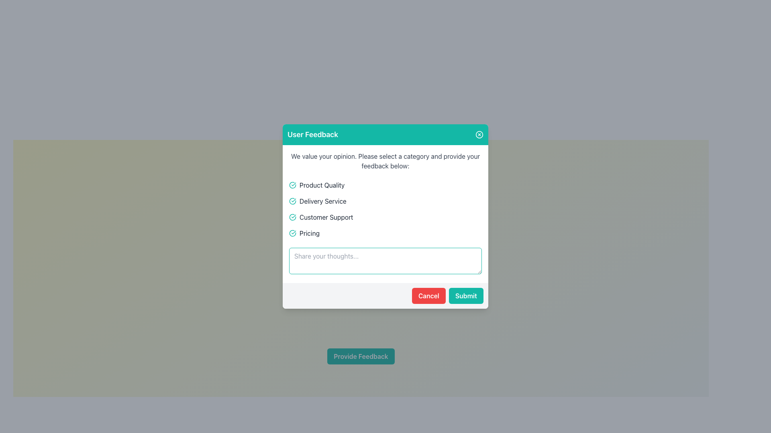  Describe the element at coordinates (385, 208) in the screenshot. I see `the list element containing options like 'Product Quality', 'Delivery Service', 'Customer Support', and 'Pricing'` at that location.